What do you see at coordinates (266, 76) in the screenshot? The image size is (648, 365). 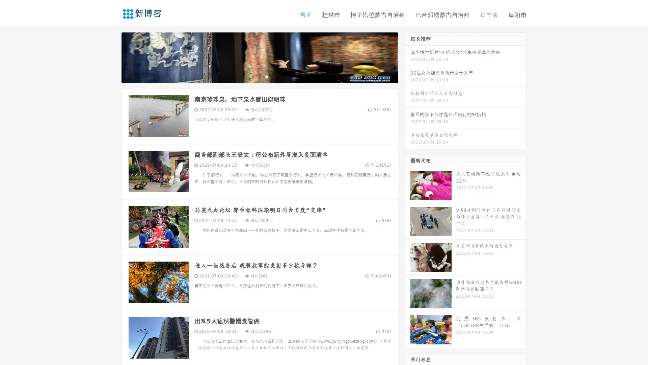 I see `Go to slide 3` at bounding box center [266, 76].